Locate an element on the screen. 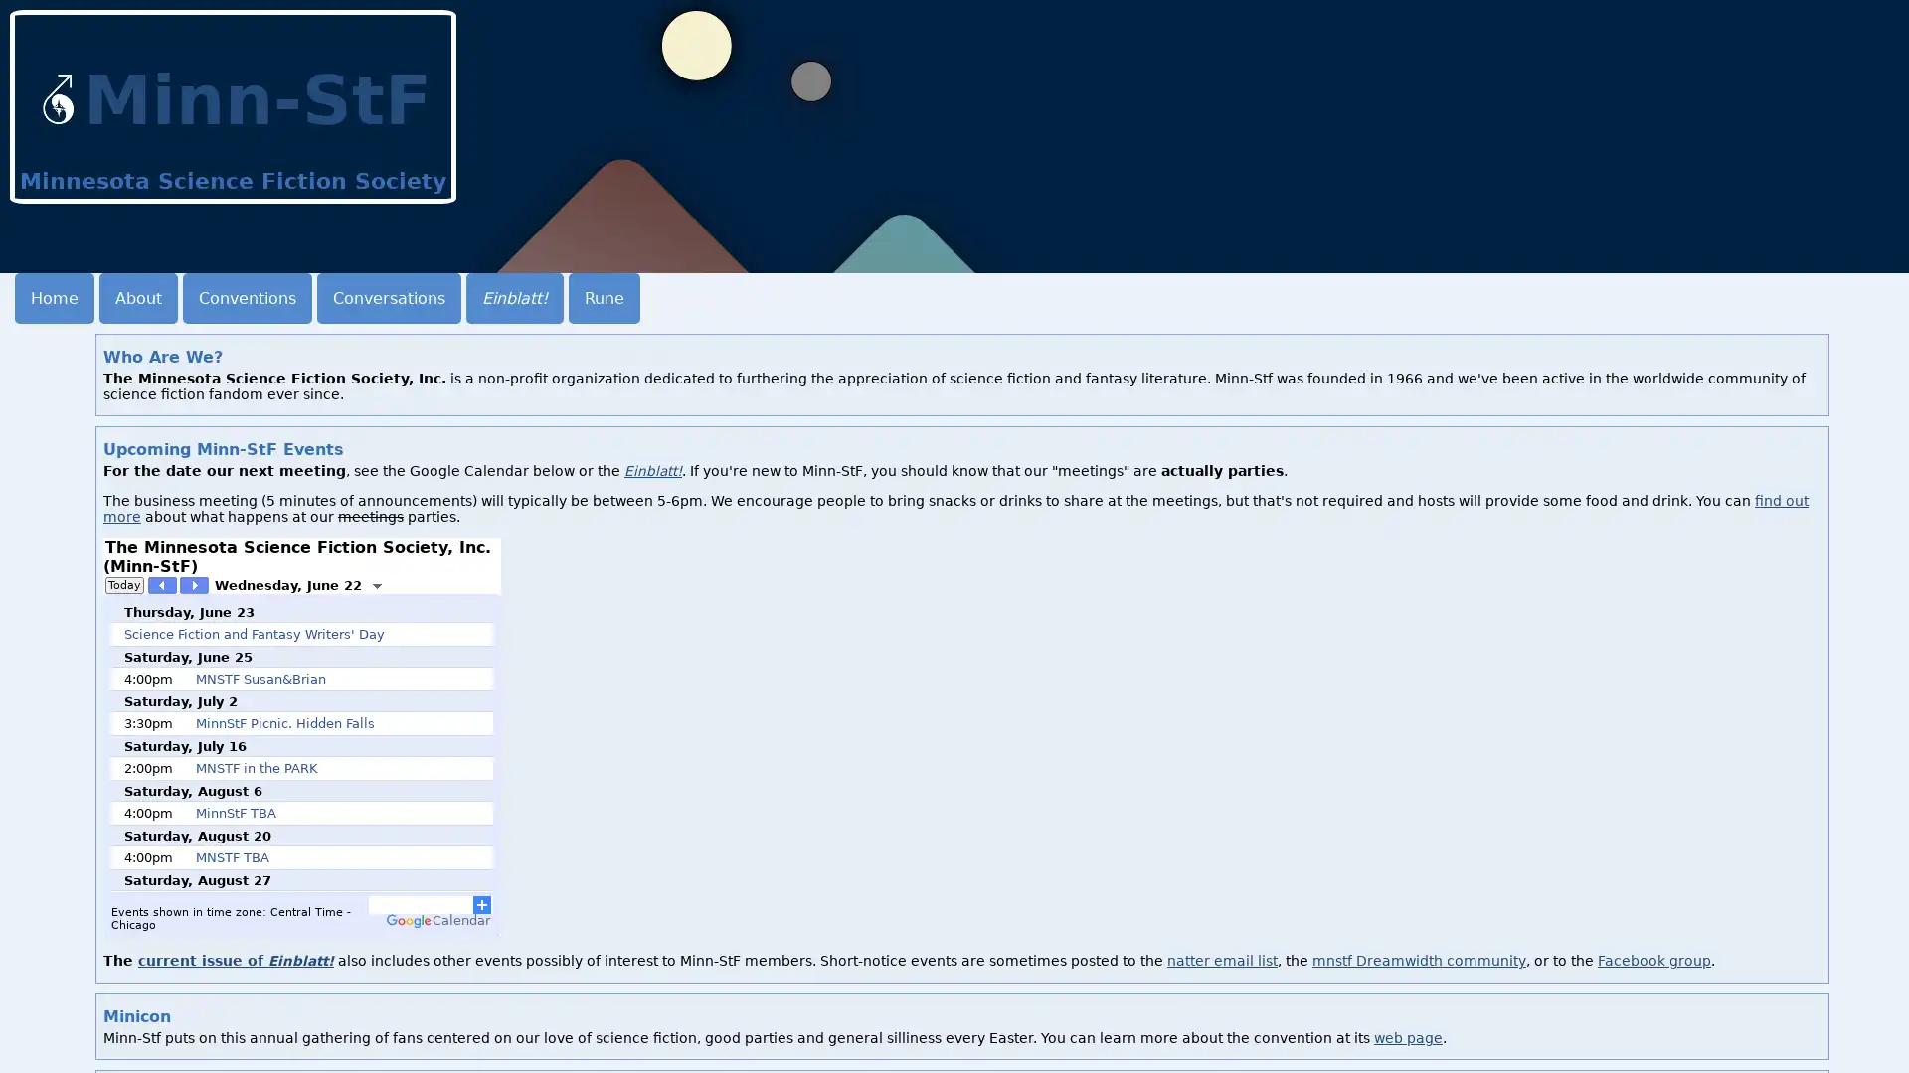 The image size is (1909, 1073). Conversations is located at coordinates (389, 298).